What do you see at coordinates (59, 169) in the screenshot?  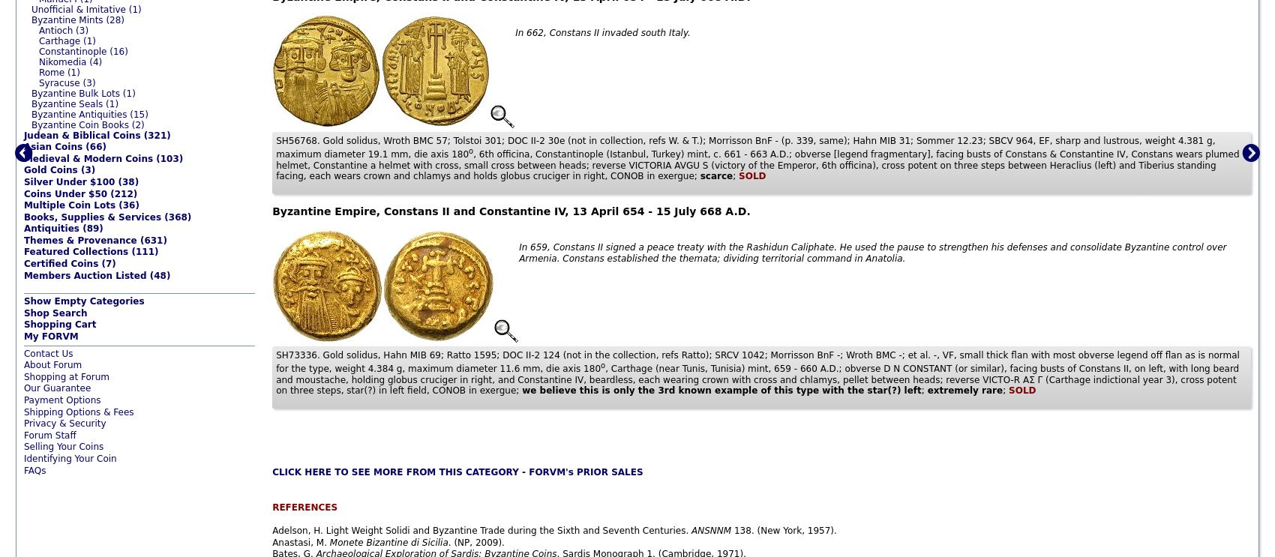 I see `'Gold Coins (3)'` at bounding box center [59, 169].